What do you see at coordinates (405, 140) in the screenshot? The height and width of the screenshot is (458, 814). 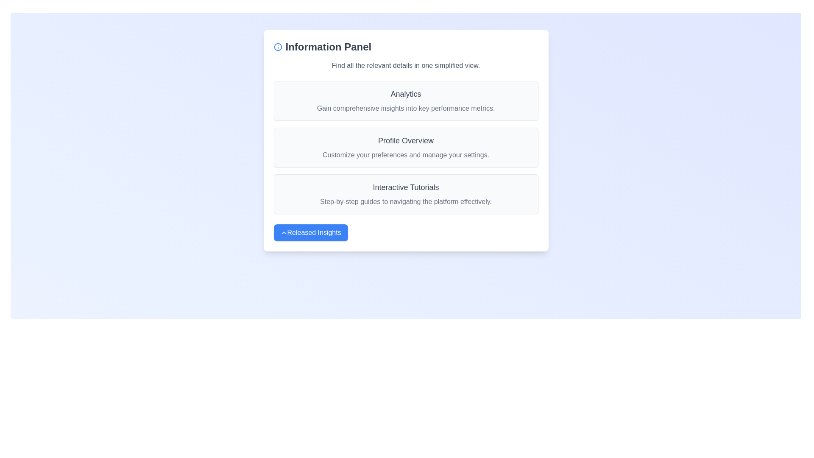 I see `the 'Profile Overview' text label for accessibility` at bounding box center [405, 140].